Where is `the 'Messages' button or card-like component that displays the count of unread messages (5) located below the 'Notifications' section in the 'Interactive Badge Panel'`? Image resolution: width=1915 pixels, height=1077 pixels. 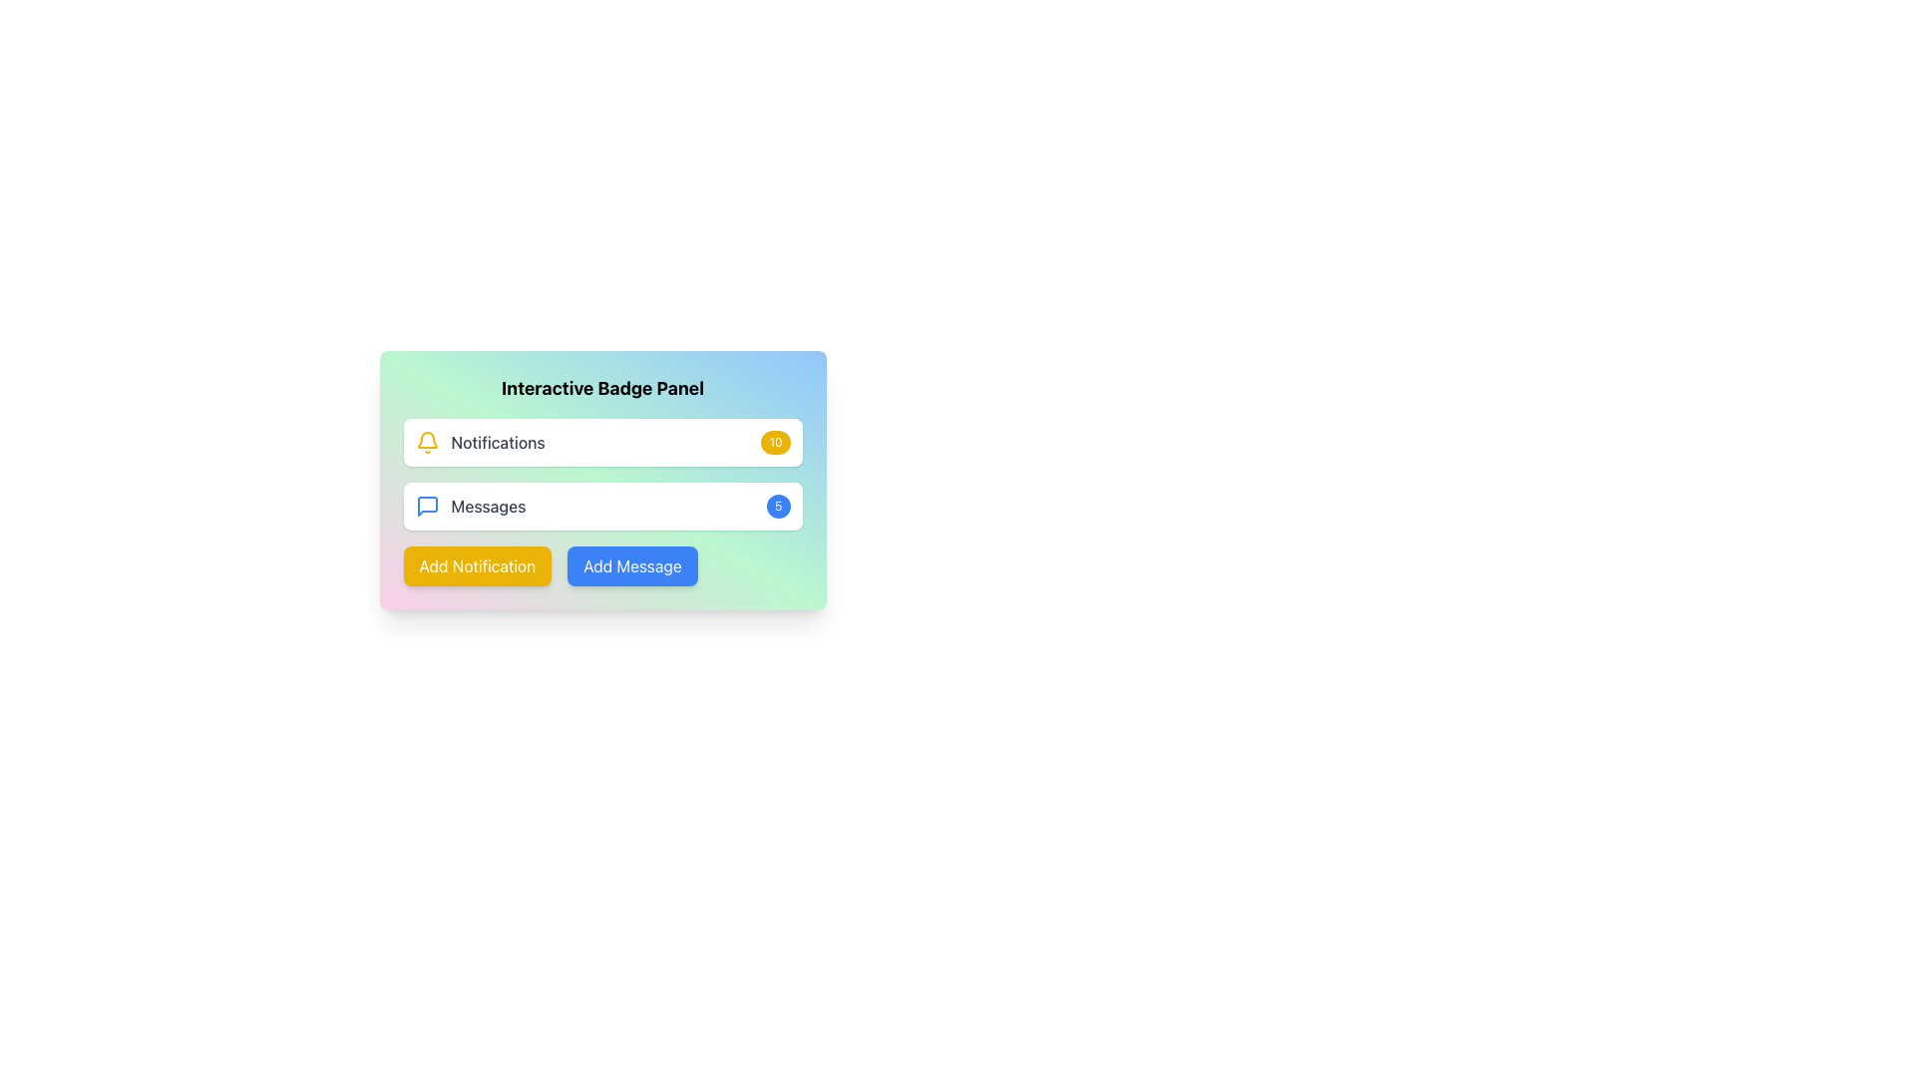
the 'Messages' button or card-like component that displays the count of unread messages (5) located below the 'Notifications' section in the 'Interactive Badge Panel' is located at coordinates (601, 506).